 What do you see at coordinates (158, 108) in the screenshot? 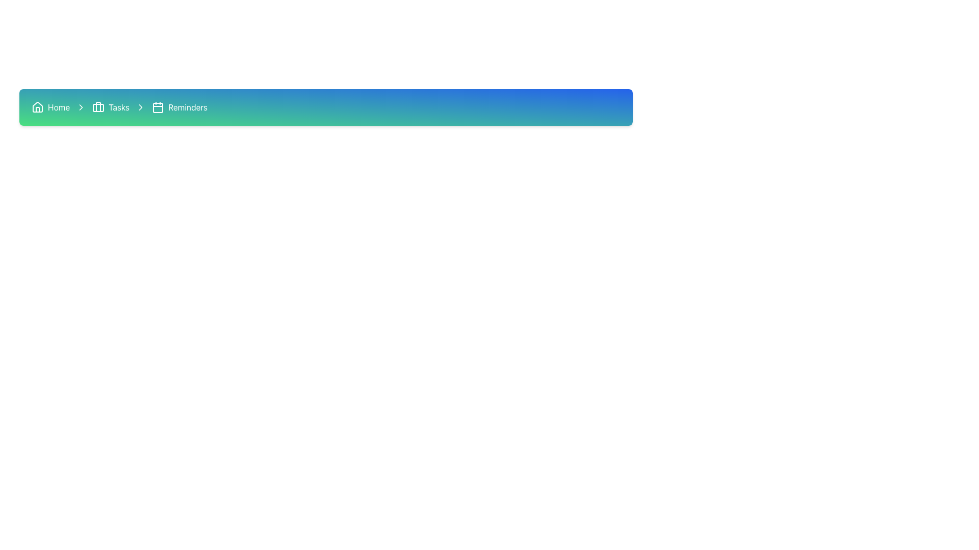
I see `the teal-colored calendar icon with rounded corners that is positioned to the right of a gift icon and to the left of the 'Reminders' text in the navigation bar` at bounding box center [158, 108].